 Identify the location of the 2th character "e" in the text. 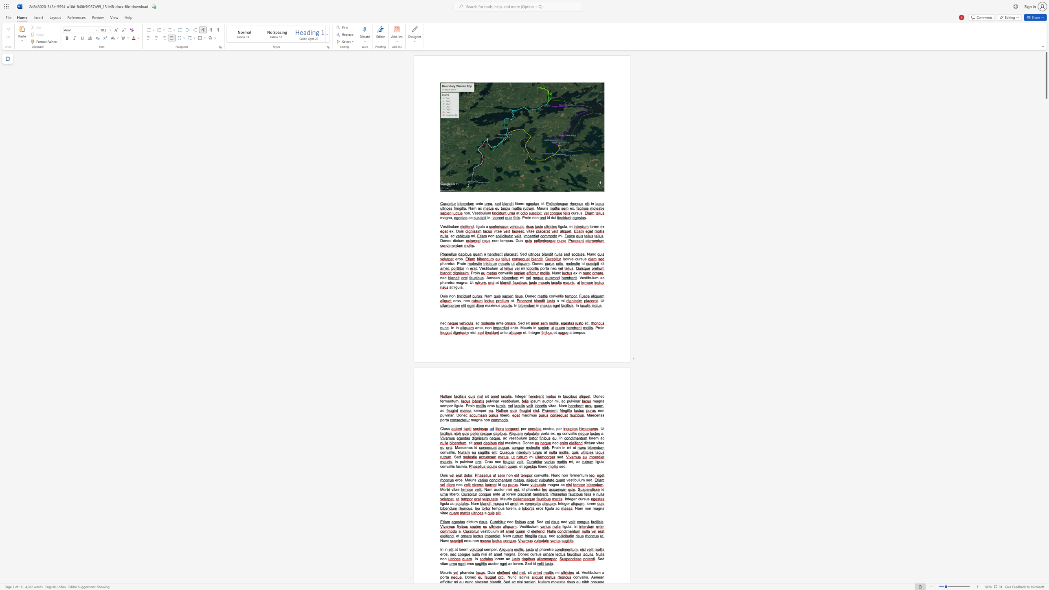
(511, 508).